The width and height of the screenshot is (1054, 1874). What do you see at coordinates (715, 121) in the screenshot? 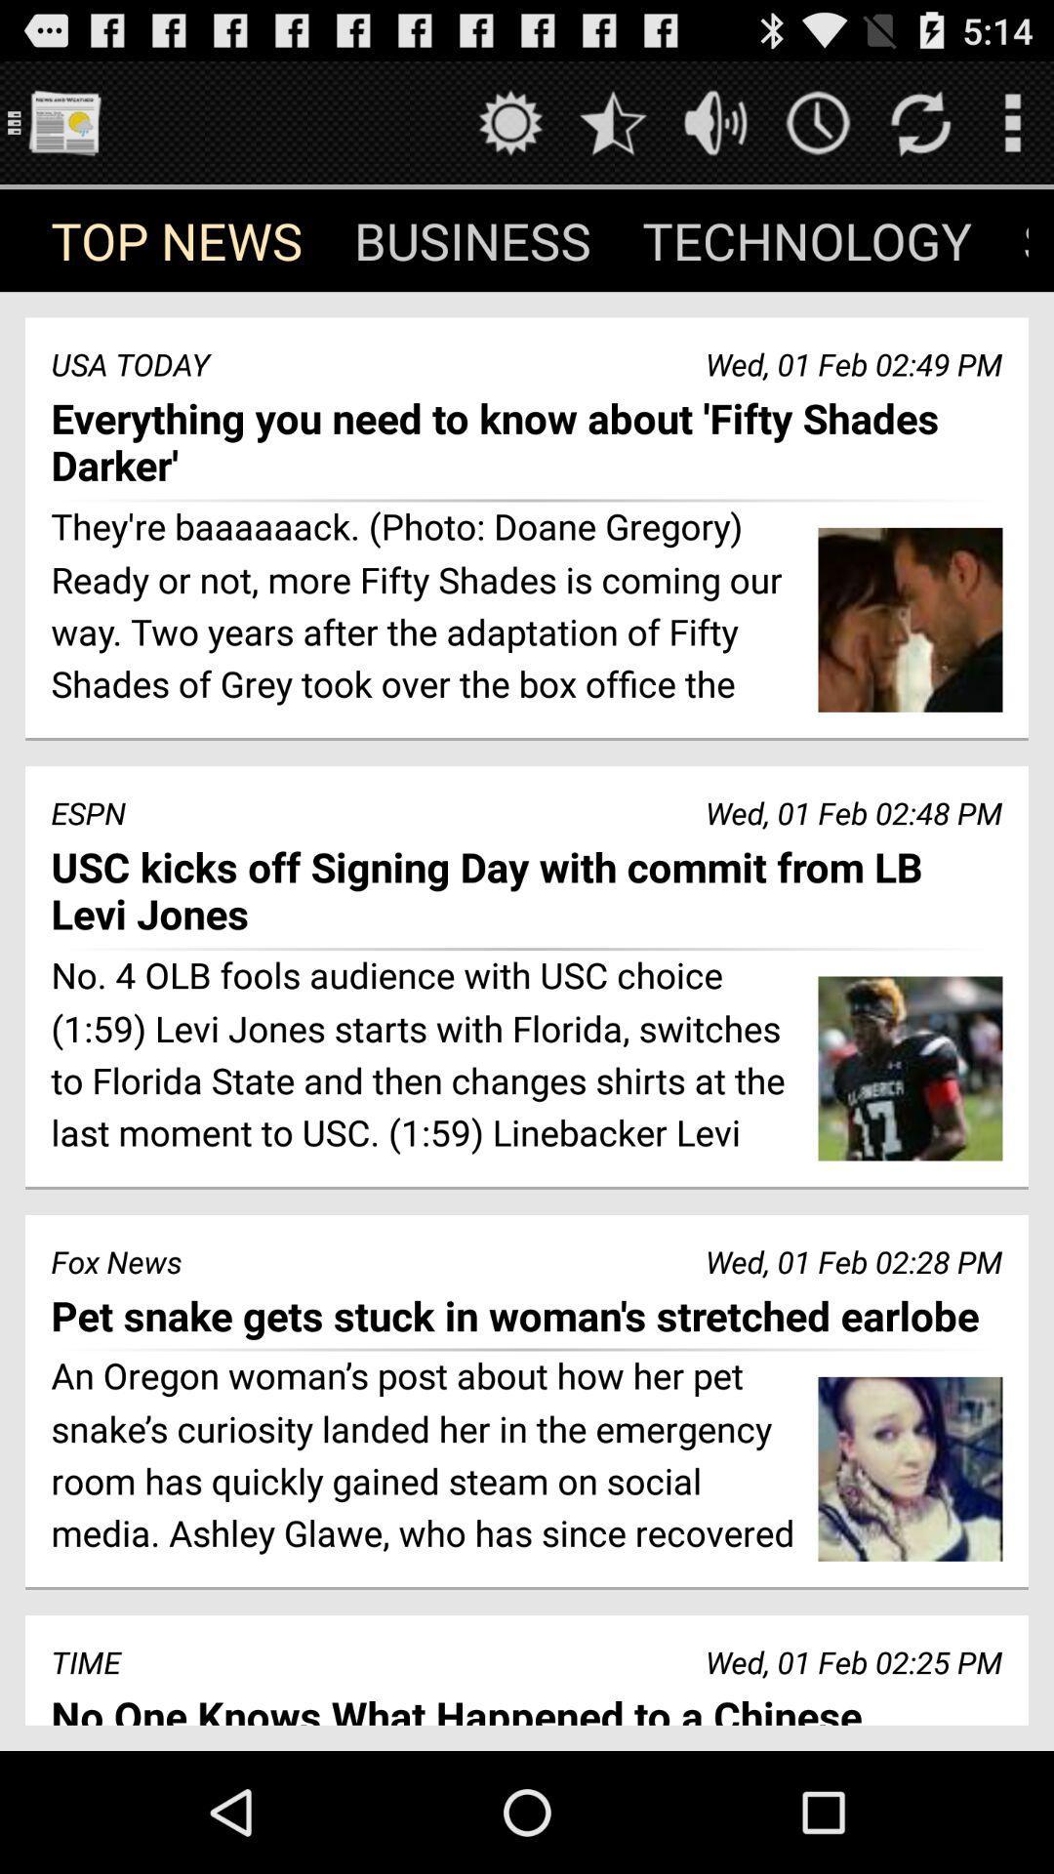
I see `change volume level` at bounding box center [715, 121].